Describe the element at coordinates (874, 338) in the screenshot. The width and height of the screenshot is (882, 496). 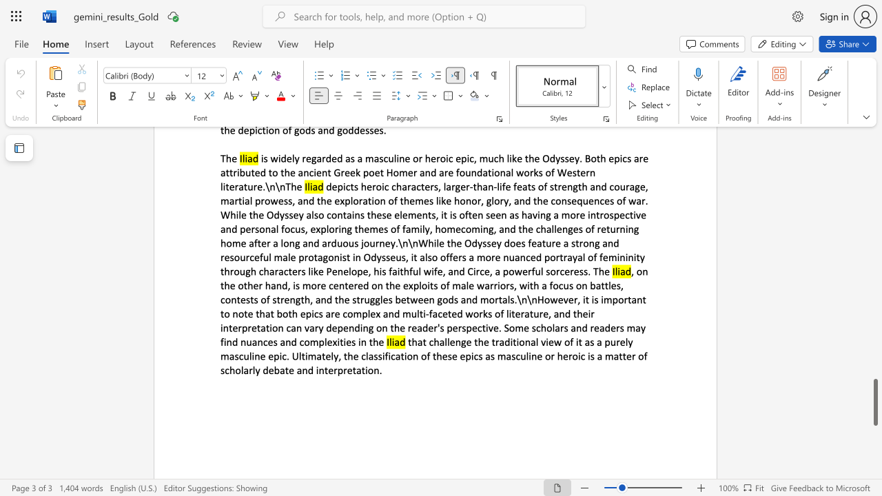
I see `the scrollbar to scroll the page up` at that location.